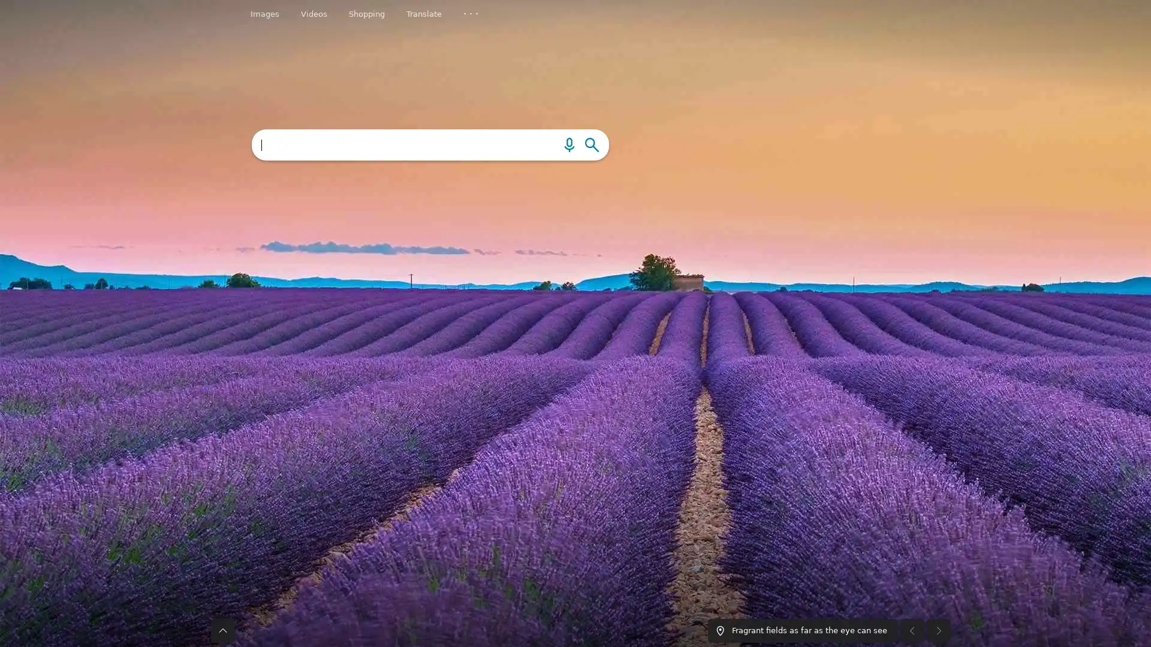 The height and width of the screenshot is (647, 1151). I want to click on Previous news, so click(183, 526).